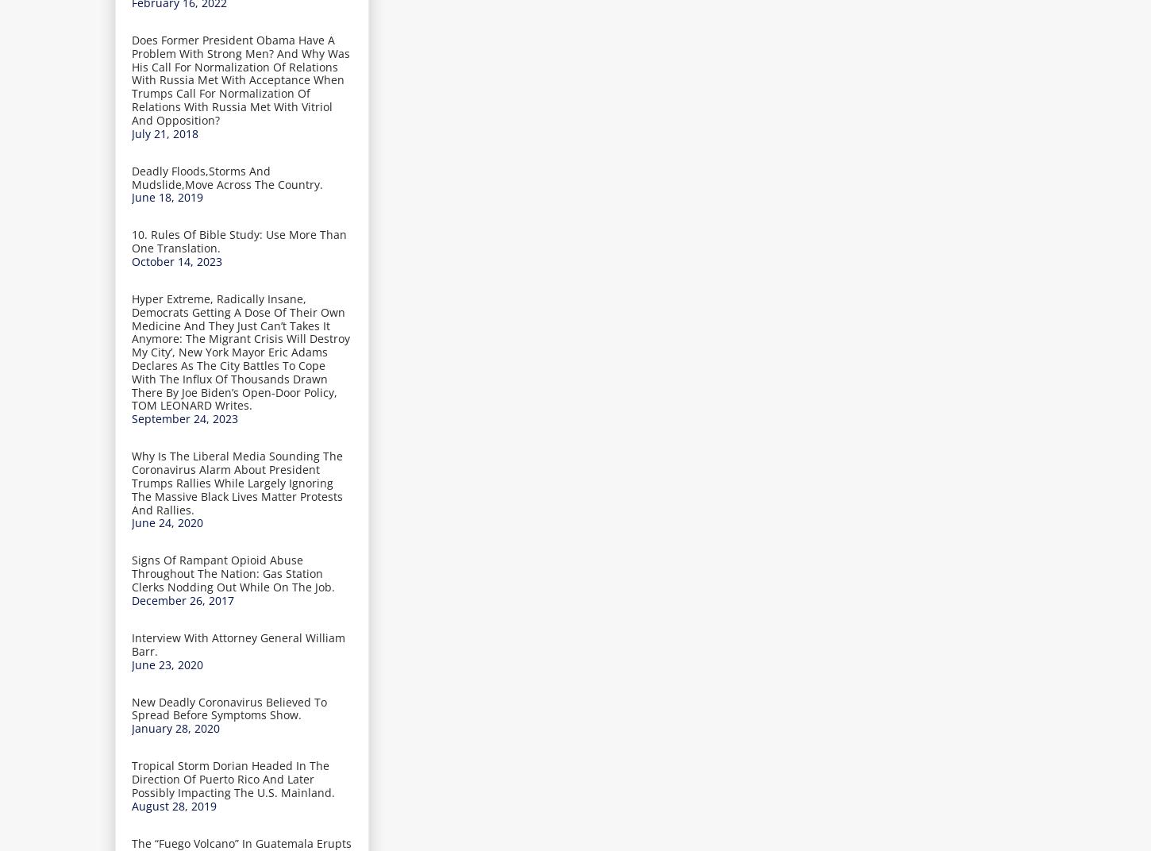 Image resolution: width=1151 pixels, height=851 pixels. What do you see at coordinates (166, 663) in the screenshot?
I see `'June 23, 2020'` at bounding box center [166, 663].